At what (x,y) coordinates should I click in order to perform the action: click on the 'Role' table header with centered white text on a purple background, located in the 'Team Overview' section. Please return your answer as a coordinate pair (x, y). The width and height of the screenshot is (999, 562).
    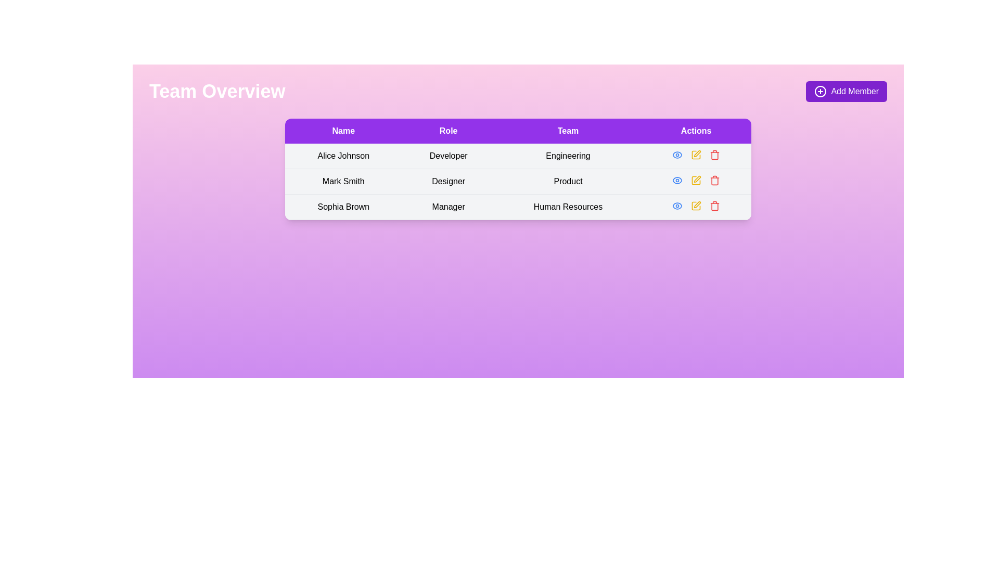
    Looking at the image, I should click on (449, 130).